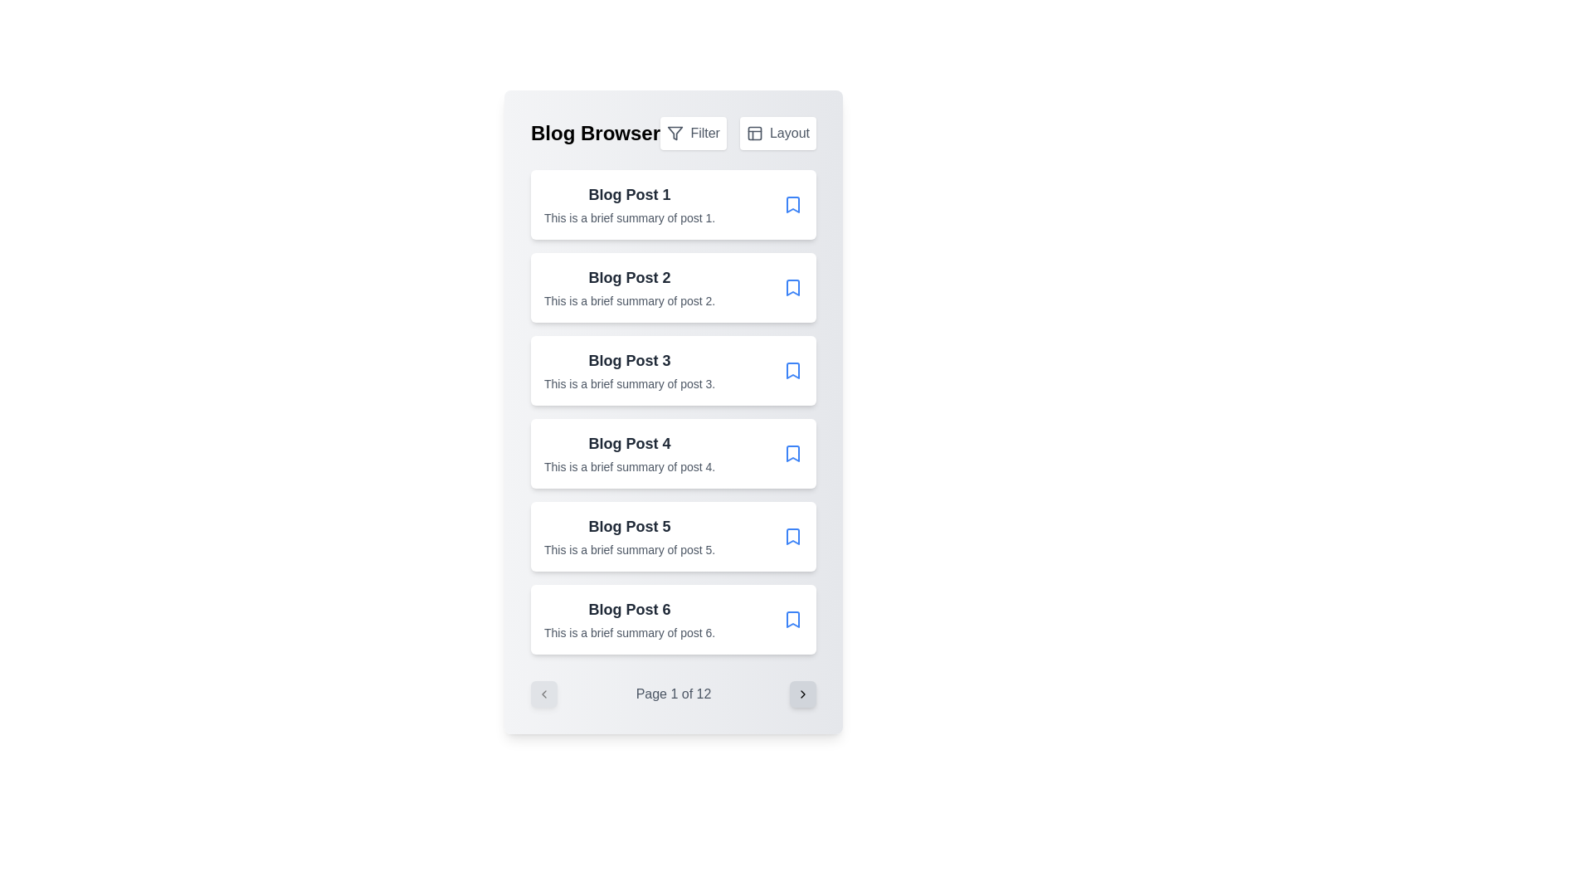 The image size is (1593, 896). What do you see at coordinates (675, 133) in the screenshot?
I see `the 'Filter' icon located in the top-right section of the interface` at bounding box center [675, 133].